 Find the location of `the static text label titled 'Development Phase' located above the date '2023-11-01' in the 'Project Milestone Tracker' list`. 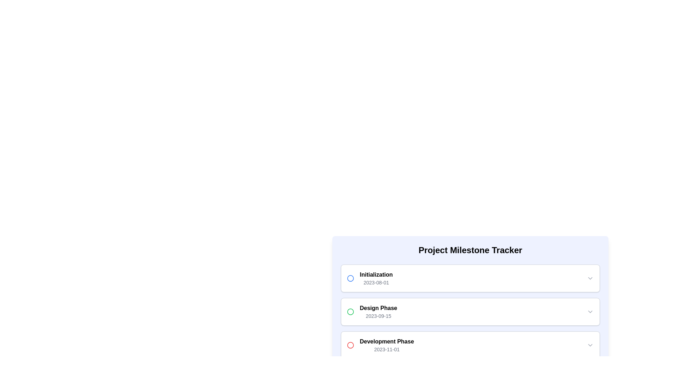

the static text label titled 'Development Phase' located above the date '2023-11-01' in the 'Project Milestone Tracker' list is located at coordinates (386, 341).